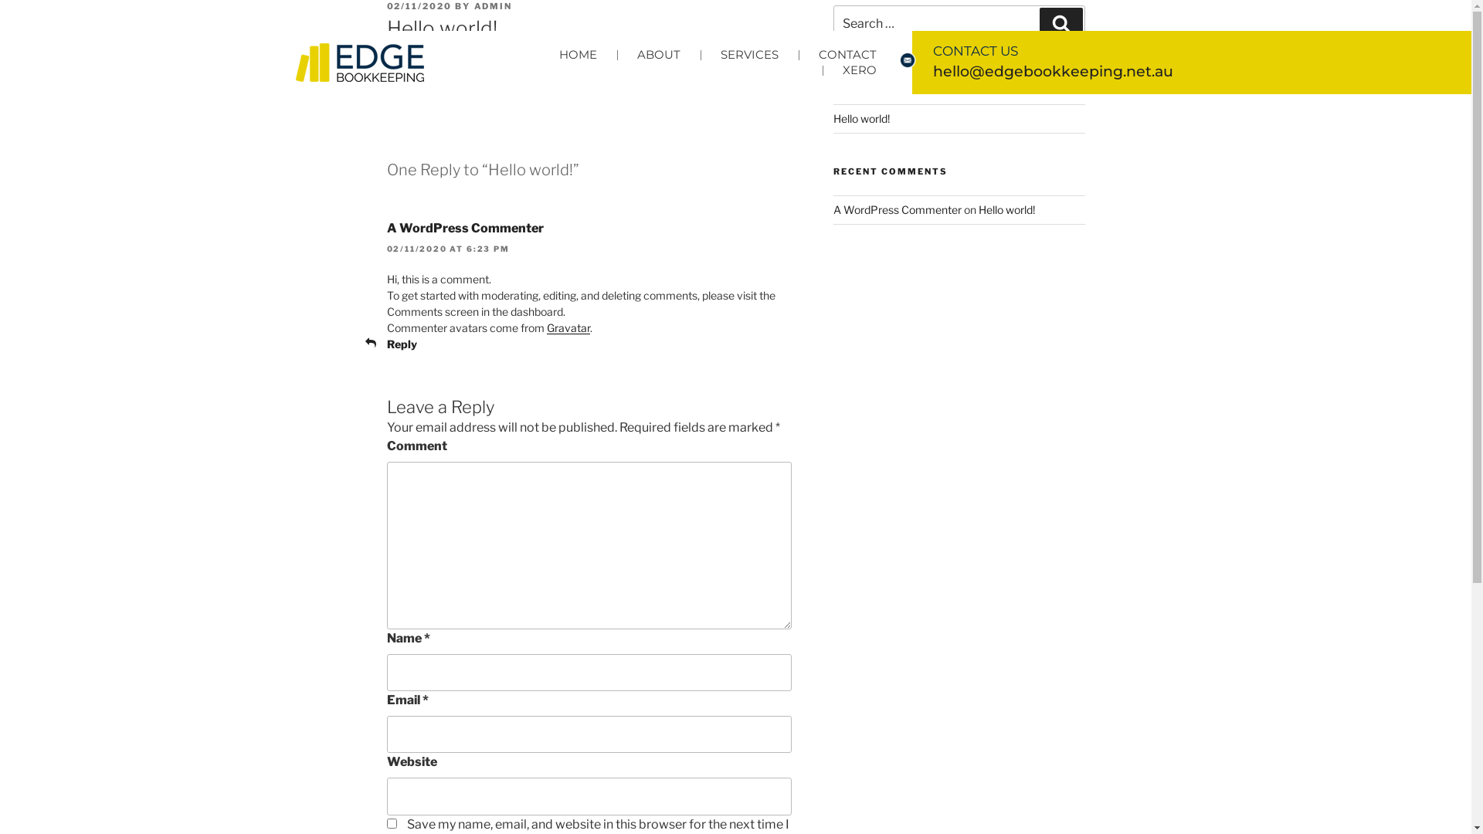 The width and height of the screenshot is (1483, 834). What do you see at coordinates (538, 53) in the screenshot?
I see `'HOME'` at bounding box center [538, 53].